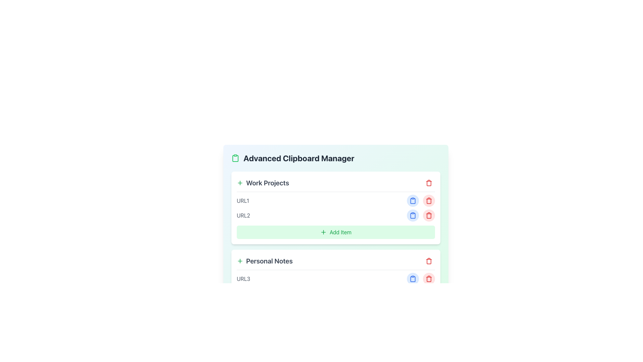 This screenshot has width=643, height=362. Describe the element at coordinates (263, 183) in the screenshot. I see `the information displayed in the 'Work Projects' section header, which visually distinguishes this section from others and is located towards the top-left of the interface` at that location.